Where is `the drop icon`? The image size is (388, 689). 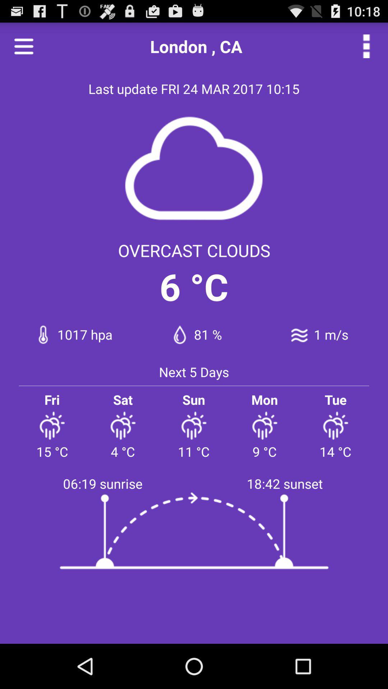 the drop icon is located at coordinates (179, 334).